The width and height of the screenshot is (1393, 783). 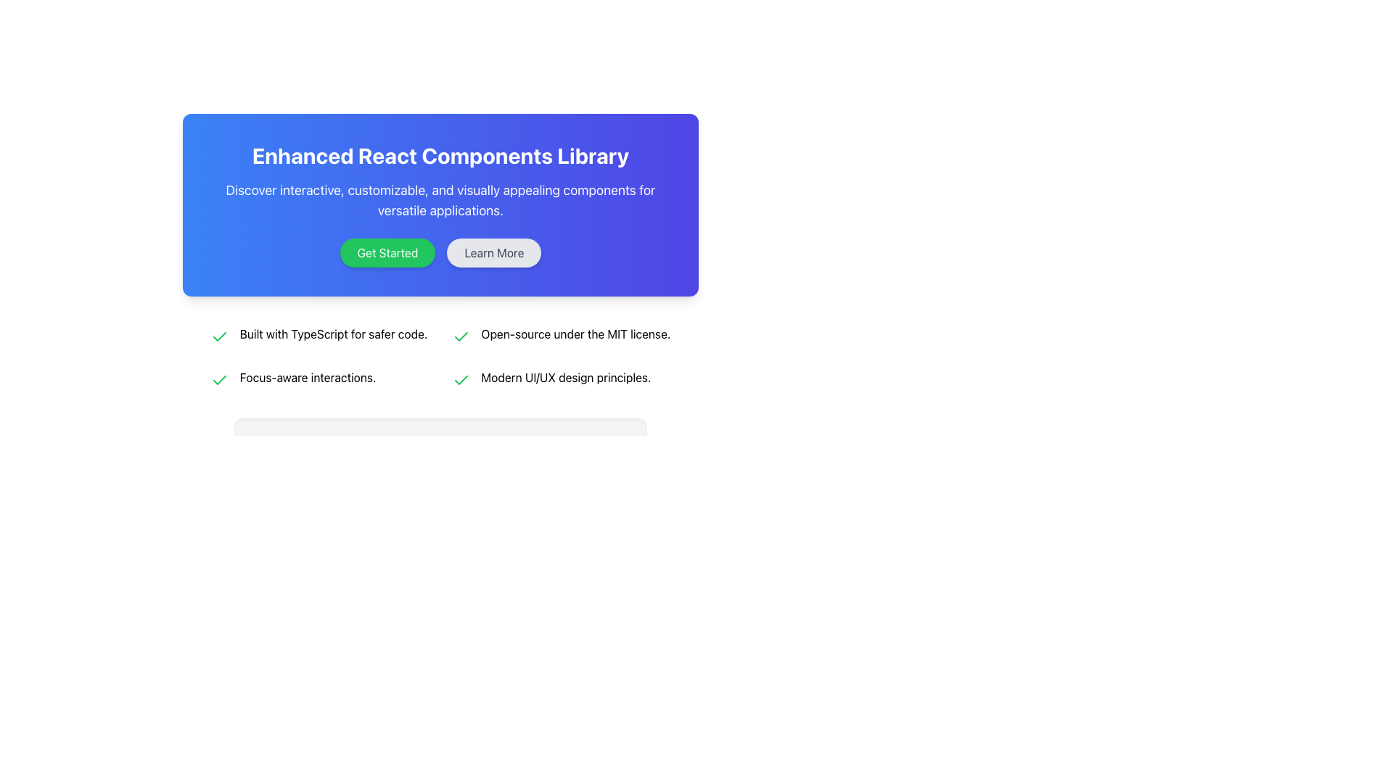 I want to click on text label that is the second entry in a vertically aligned feature list, located to the right of a green checkmark icon, so click(x=307, y=376).